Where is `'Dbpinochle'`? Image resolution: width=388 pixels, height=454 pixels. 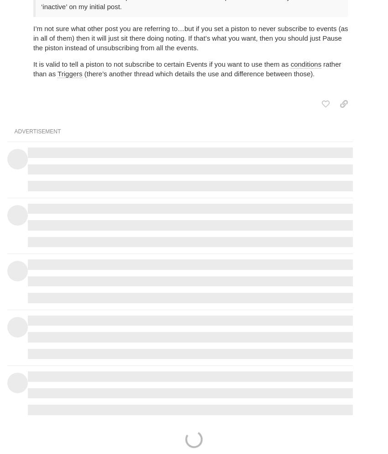
'Dbpinochle' is located at coordinates (294, 112).